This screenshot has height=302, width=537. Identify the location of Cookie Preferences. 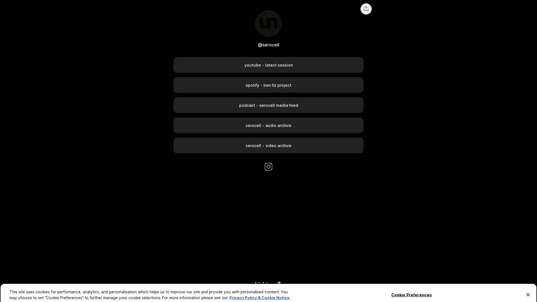
(411, 289).